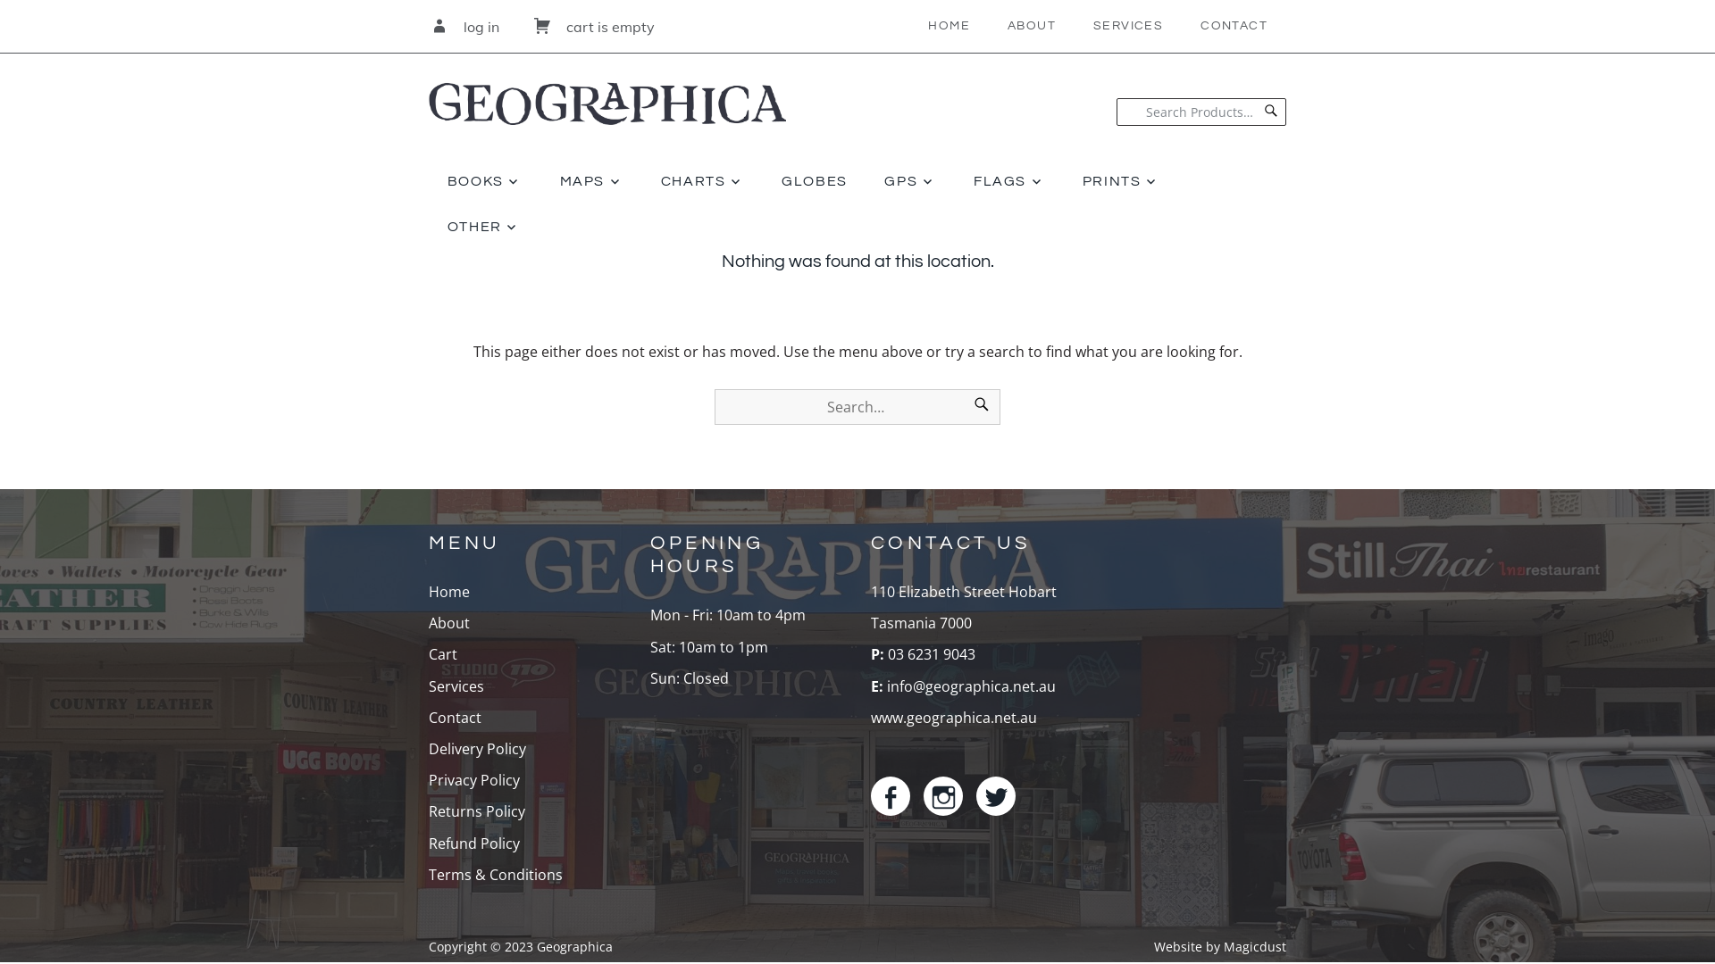 The height and width of the screenshot is (964, 1715). Describe the element at coordinates (456, 685) in the screenshot. I see `'Services'` at that location.